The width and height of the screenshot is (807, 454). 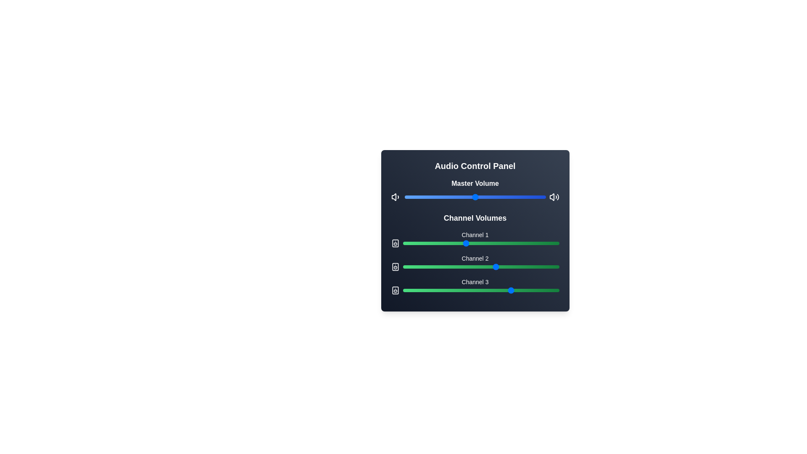 What do you see at coordinates (423, 288) in the screenshot?
I see `the 'Channel 3' volume slider` at bounding box center [423, 288].